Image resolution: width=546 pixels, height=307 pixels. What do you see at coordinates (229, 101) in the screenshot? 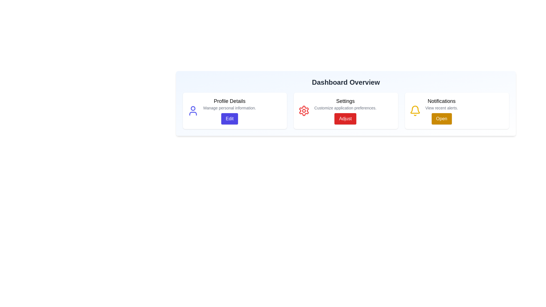
I see `the 'Profile Details' heading text label, which categorizes the content within the Profile Details section of the dashboard` at bounding box center [229, 101].